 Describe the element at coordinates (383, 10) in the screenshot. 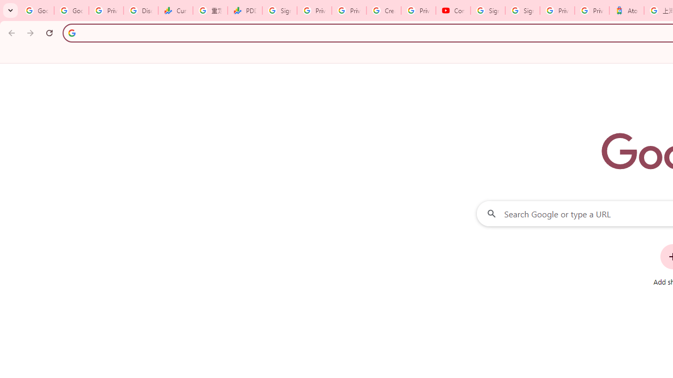

I see `'Create your Google Account'` at that location.